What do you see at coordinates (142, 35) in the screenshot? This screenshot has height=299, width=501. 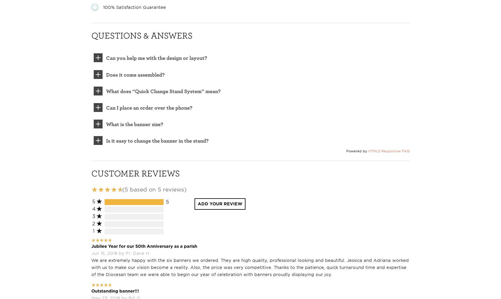 I see `'Questions & Answers'` at bounding box center [142, 35].